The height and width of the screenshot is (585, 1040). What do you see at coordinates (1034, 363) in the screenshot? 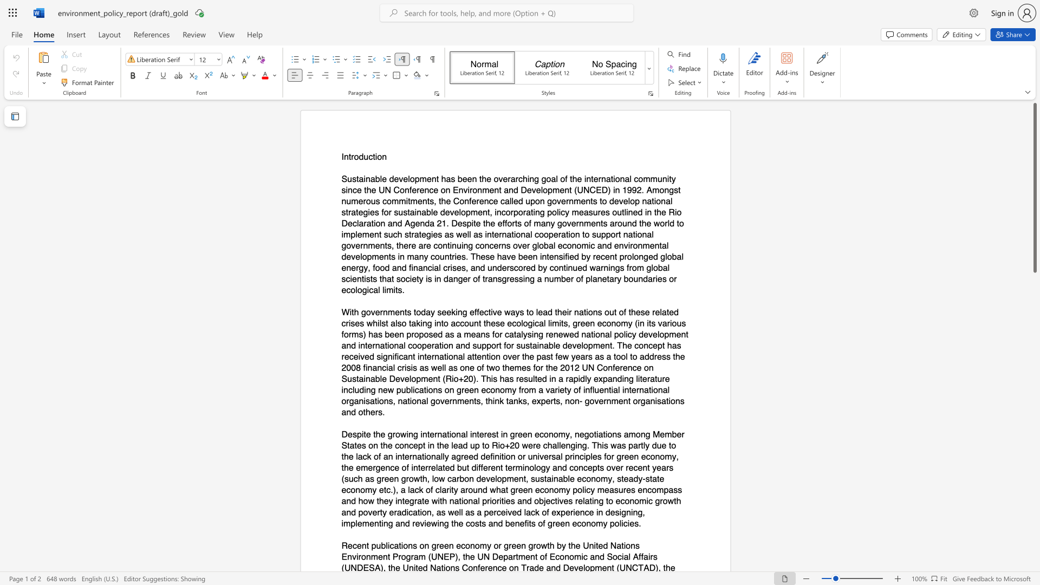
I see `the scrollbar on the right to shift the page lower` at bounding box center [1034, 363].